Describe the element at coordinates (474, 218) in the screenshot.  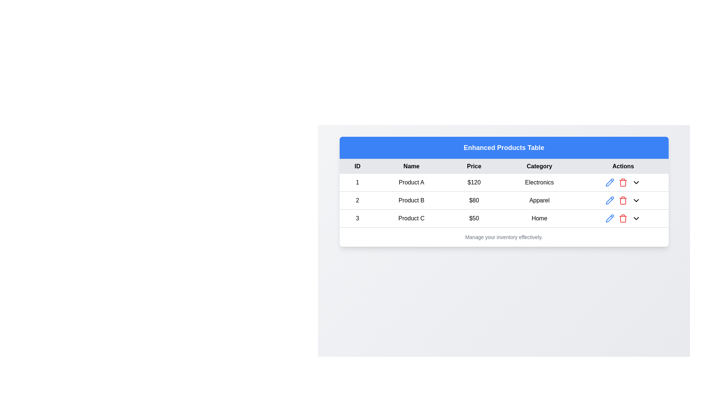
I see `the price text label displaying '$50' for 'Product C' in the Enhanced Products Table` at that location.